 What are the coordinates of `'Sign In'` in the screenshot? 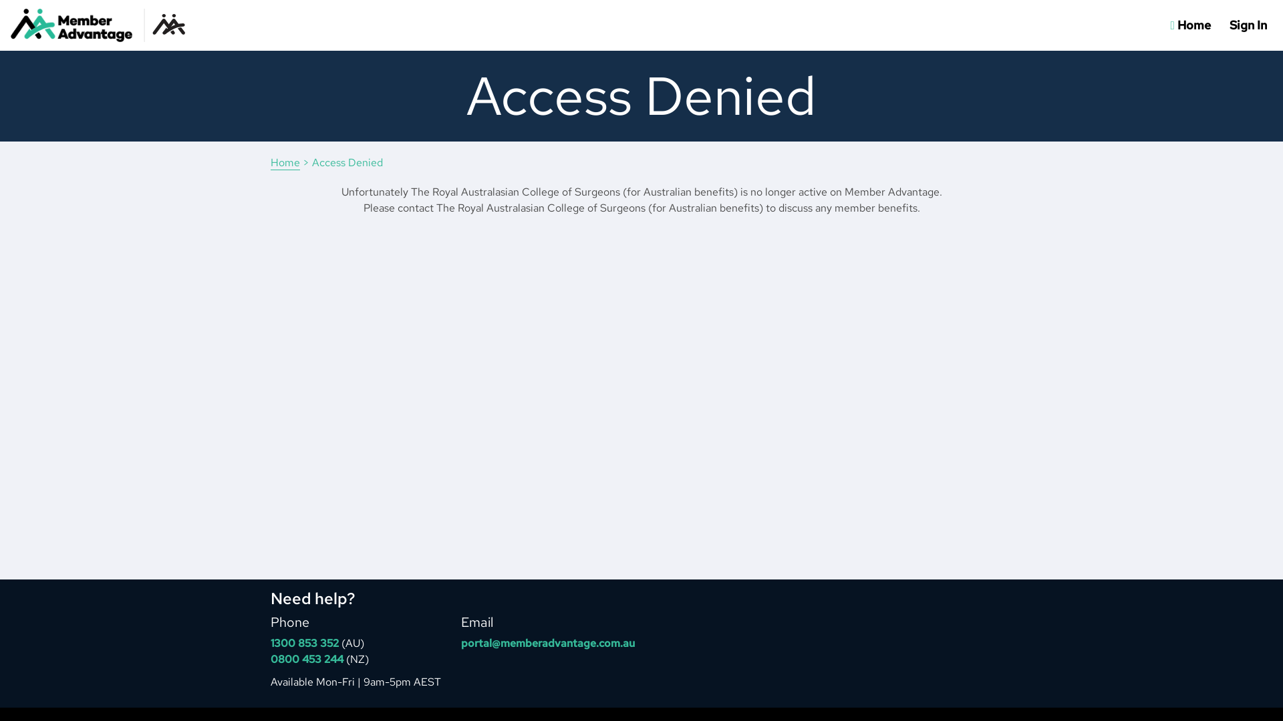 It's located at (1247, 25).